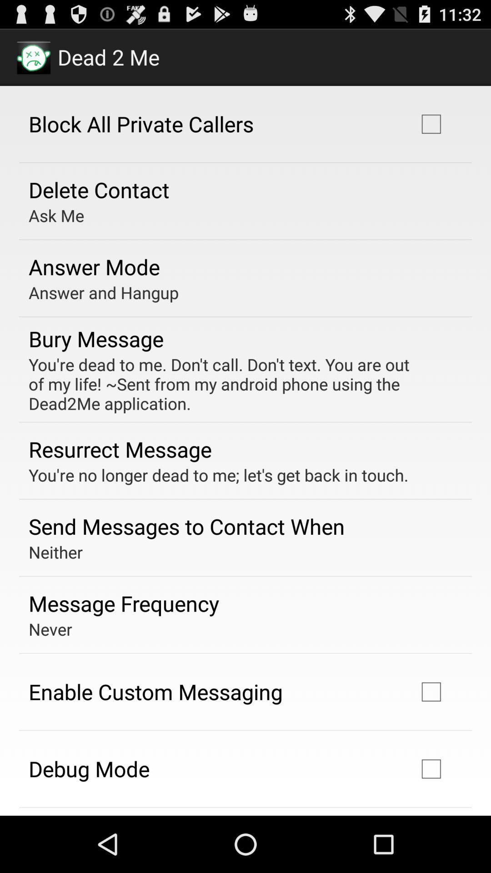  Describe the element at coordinates (99, 189) in the screenshot. I see `the delete contact app` at that location.